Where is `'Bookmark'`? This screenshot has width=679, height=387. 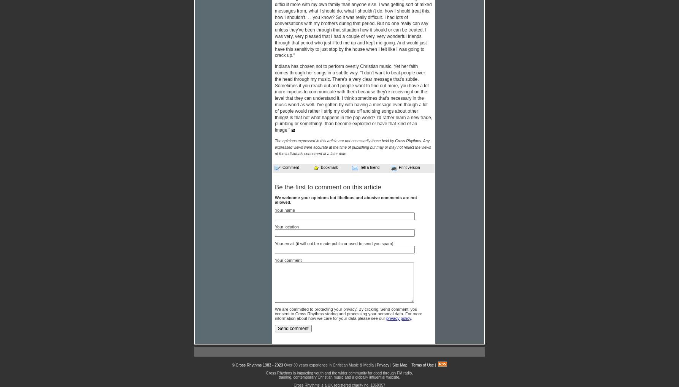 'Bookmark' is located at coordinates (320, 167).